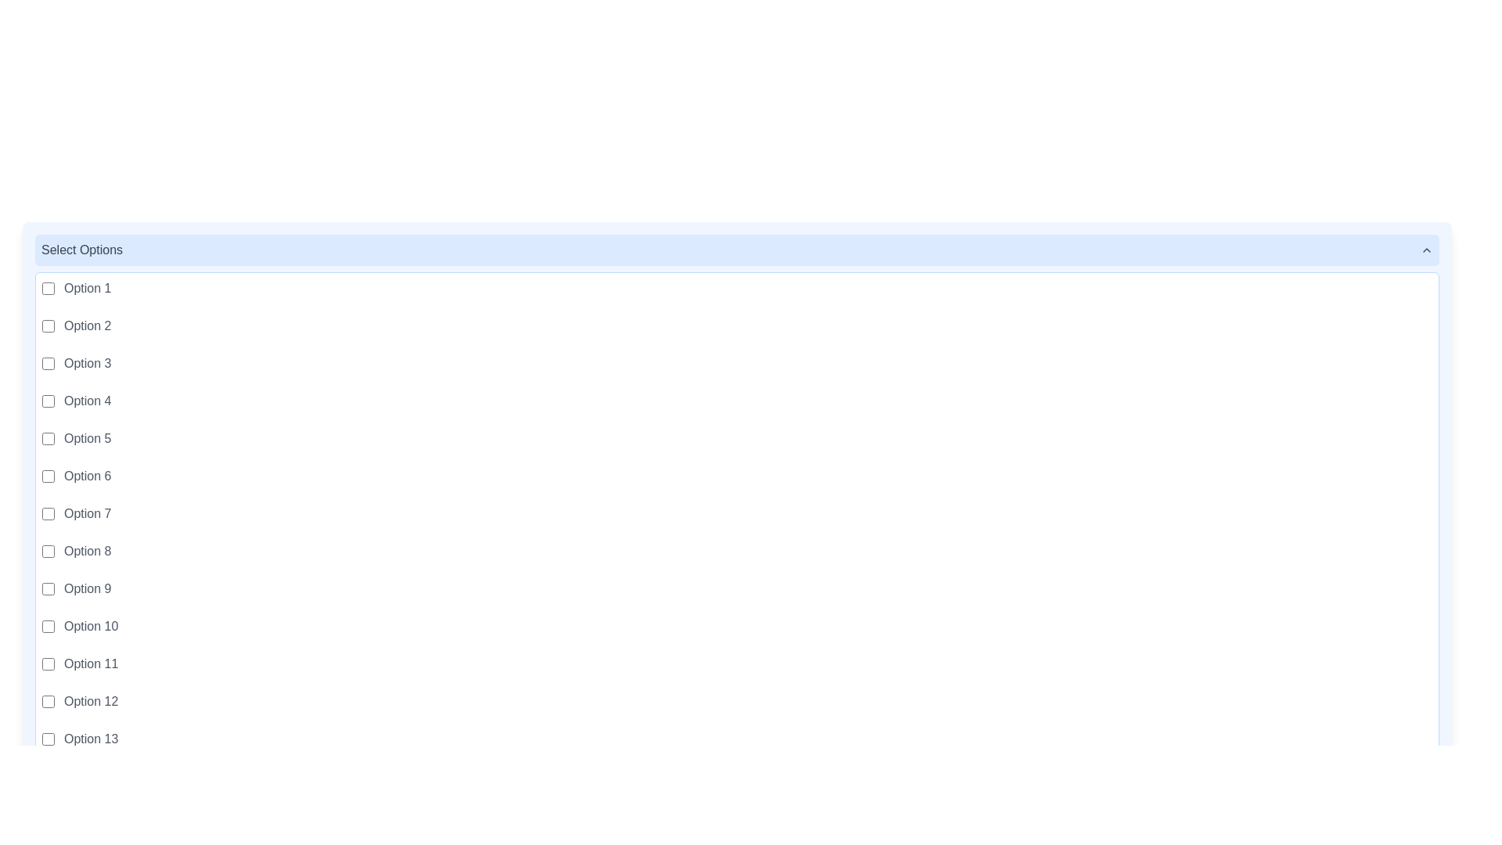  I want to click on the text label that describes the checkbox located immediately to the right of it, which is the seventh item in the vertical list of options, so click(87, 513).